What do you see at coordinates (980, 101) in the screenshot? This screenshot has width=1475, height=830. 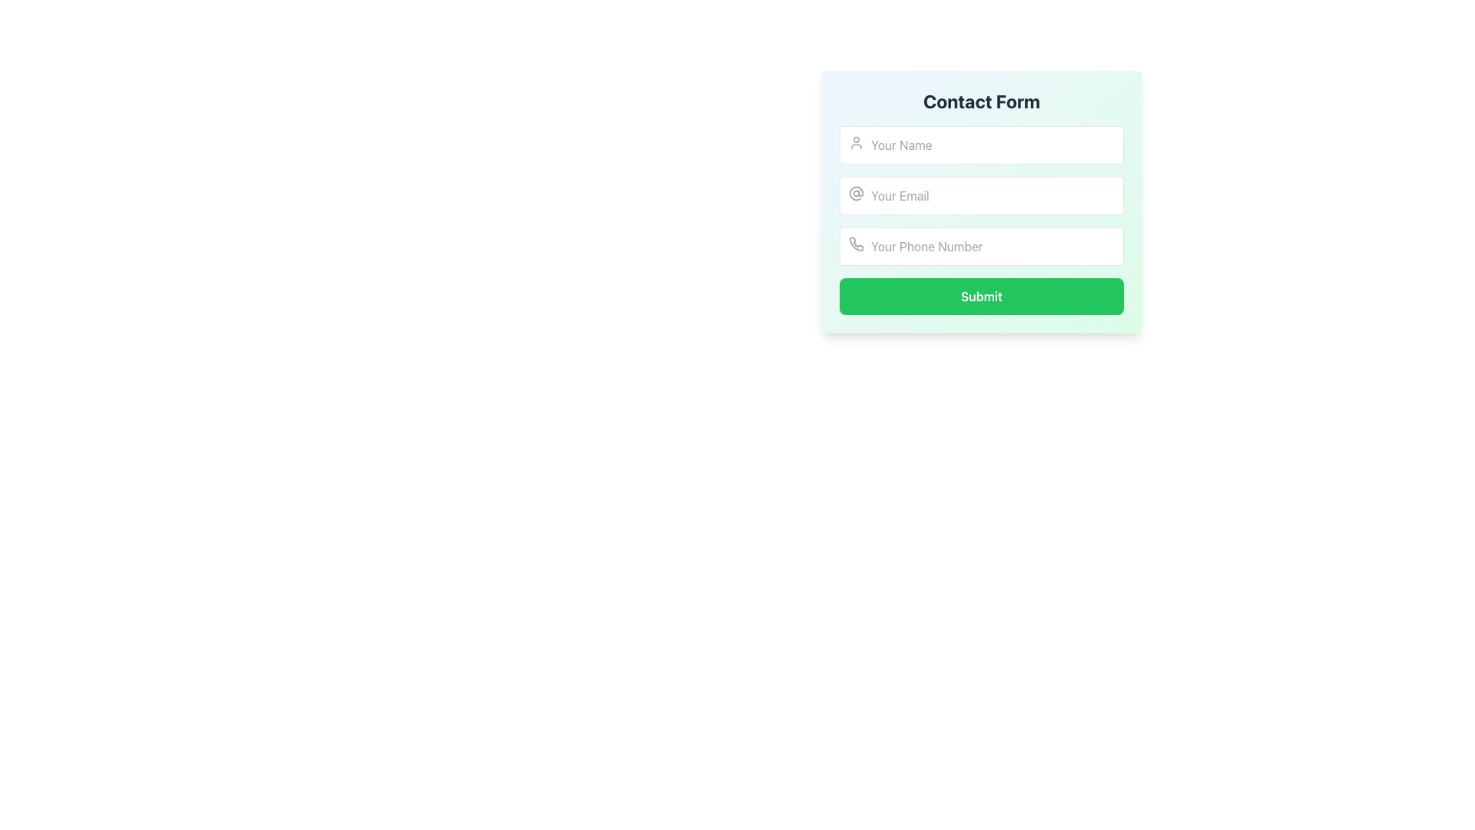 I see `the Static Text element that serves as the title for the contact form, which is positioned at the upper section of a card with a gradient background` at bounding box center [980, 101].